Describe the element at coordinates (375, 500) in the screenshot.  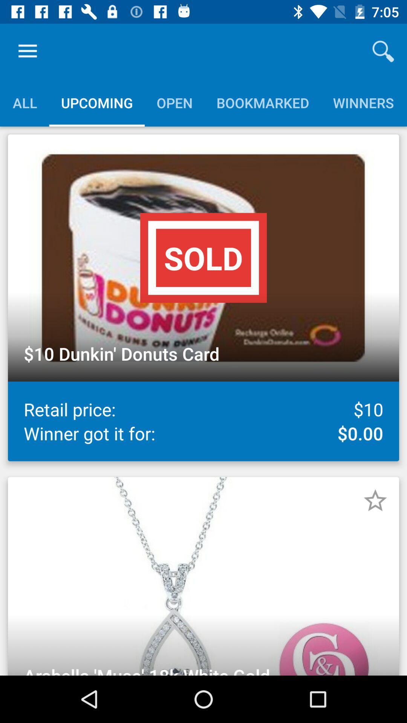
I see `icon at the bottom right corner` at that location.